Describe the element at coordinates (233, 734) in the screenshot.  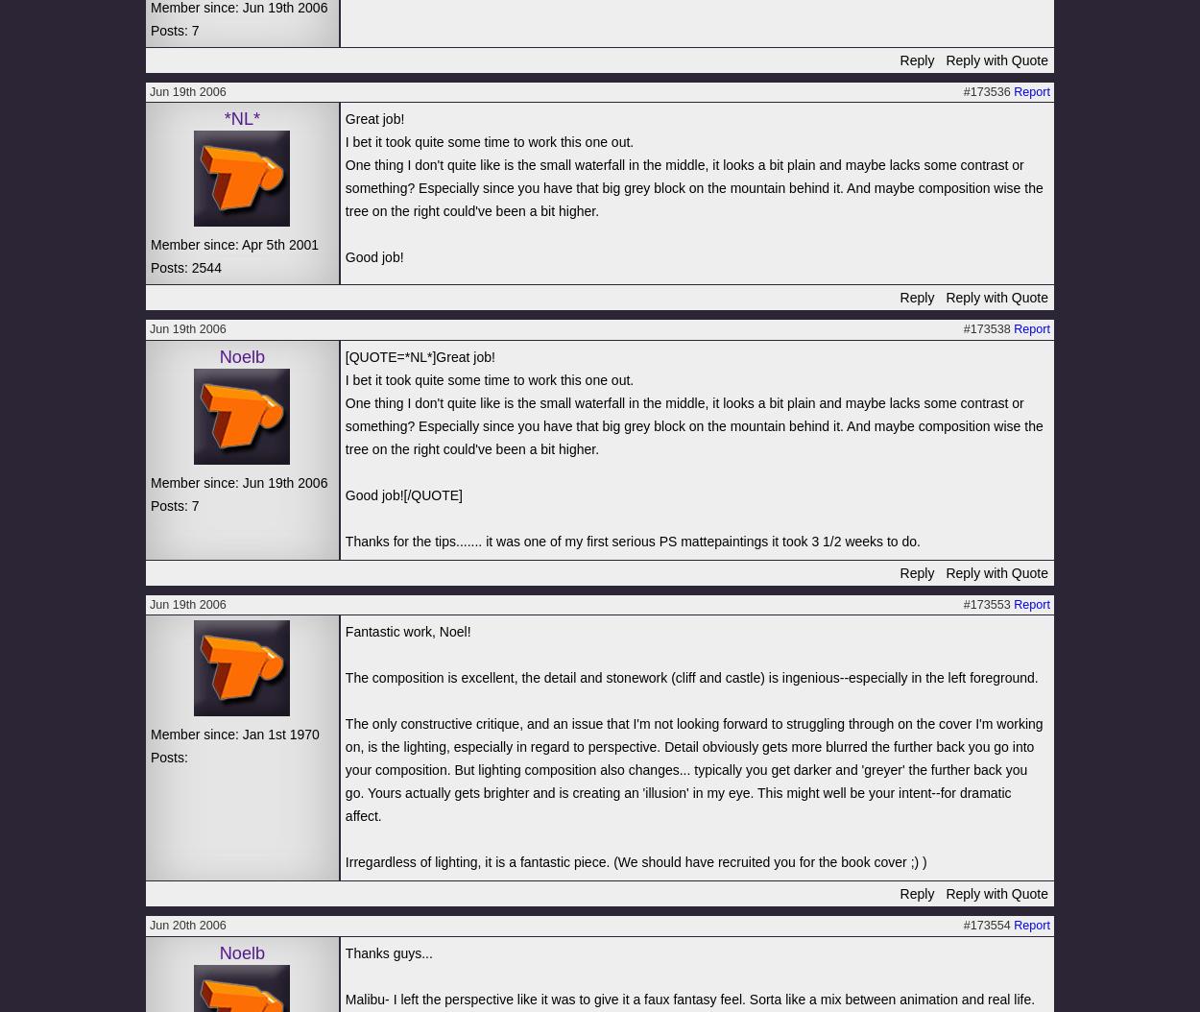
I see `'Member since: Jan 1st 1970'` at that location.